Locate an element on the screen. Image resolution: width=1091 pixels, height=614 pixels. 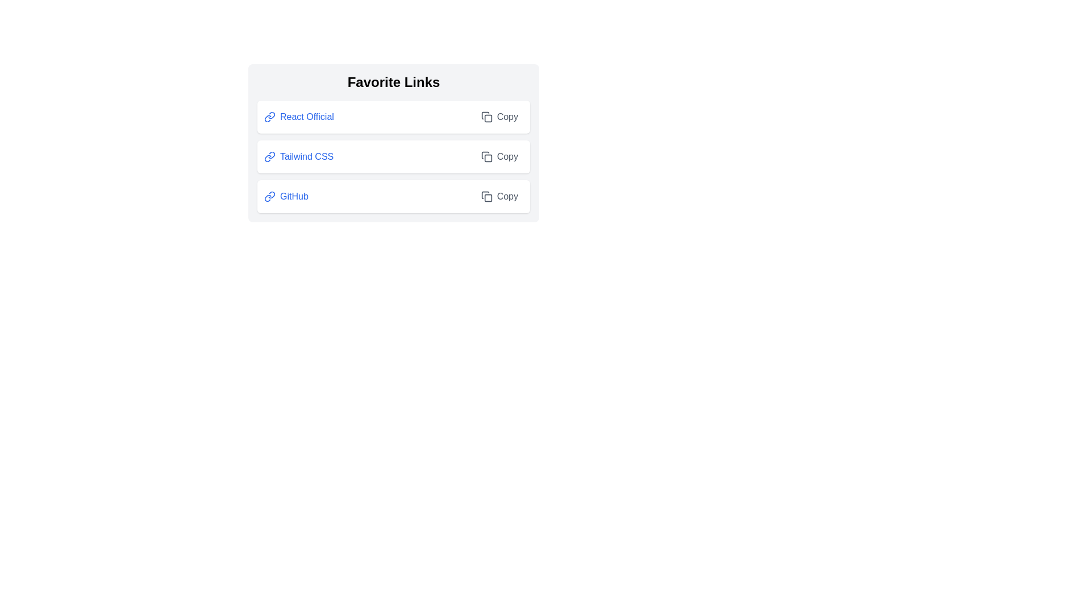
the text link adjacent to the interlocked chains icon in the 'React Official' item of the 'Favorite Links' section is located at coordinates (269, 117).